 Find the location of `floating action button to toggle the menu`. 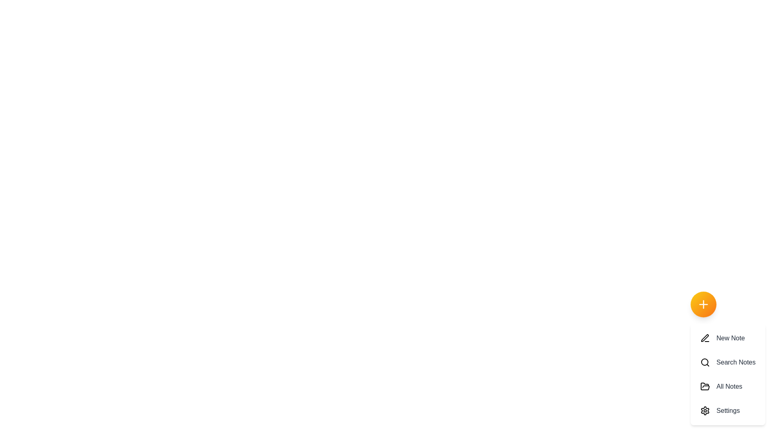

floating action button to toggle the menu is located at coordinates (703, 304).